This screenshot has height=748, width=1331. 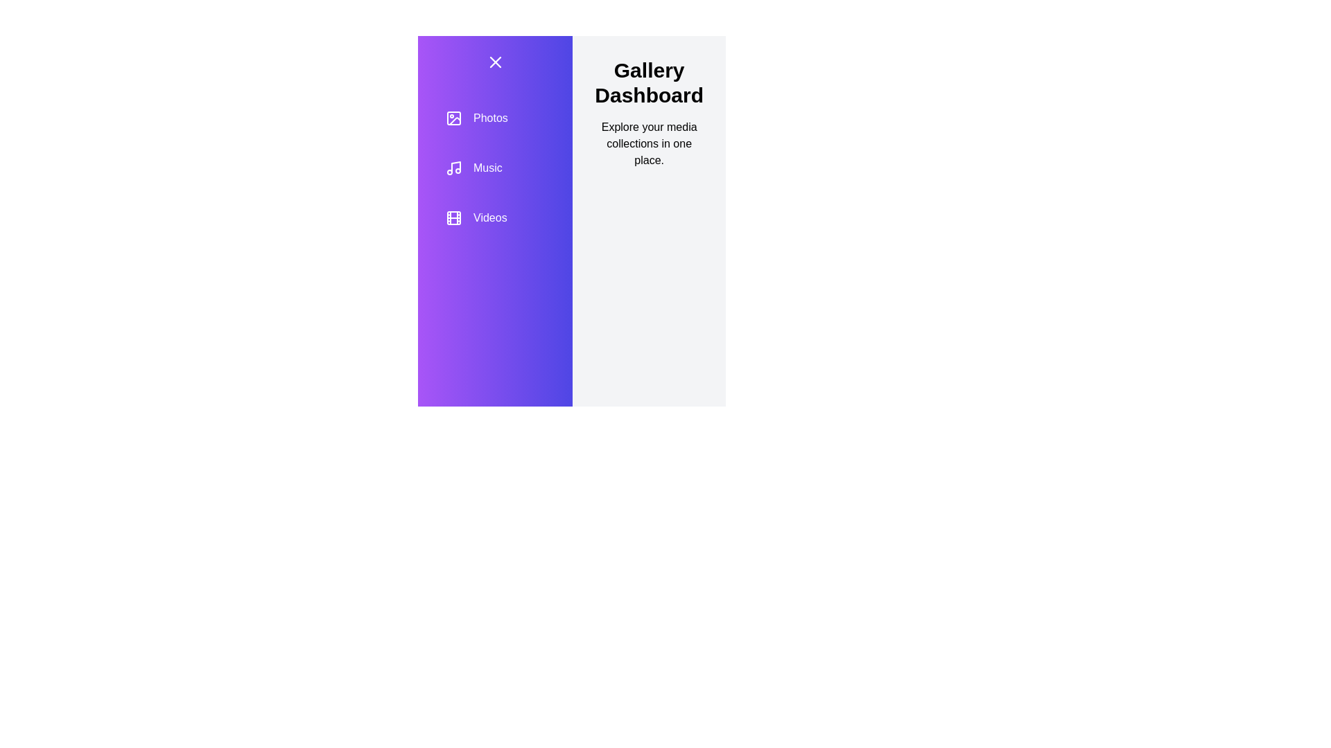 What do you see at coordinates (648, 82) in the screenshot?
I see `the text Gallery Dashboard in the component` at bounding box center [648, 82].